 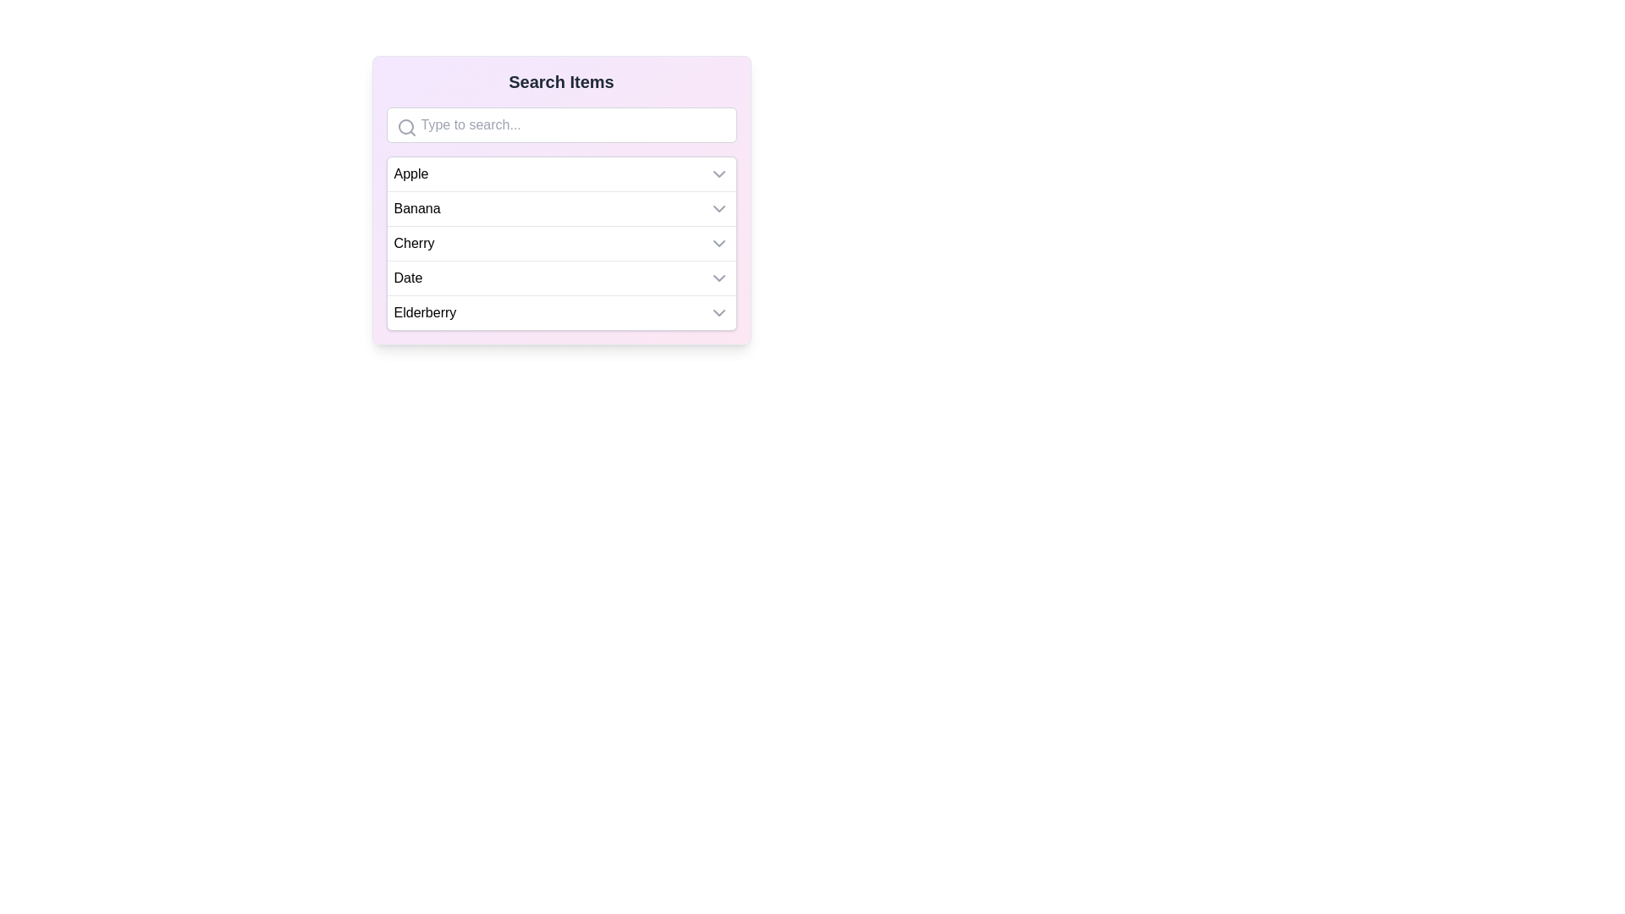 What do you see at coordinates (561, 243) in the screenshot?
I see `the 'Cherry' item in the selectable list` at bounding box center [561, 243].